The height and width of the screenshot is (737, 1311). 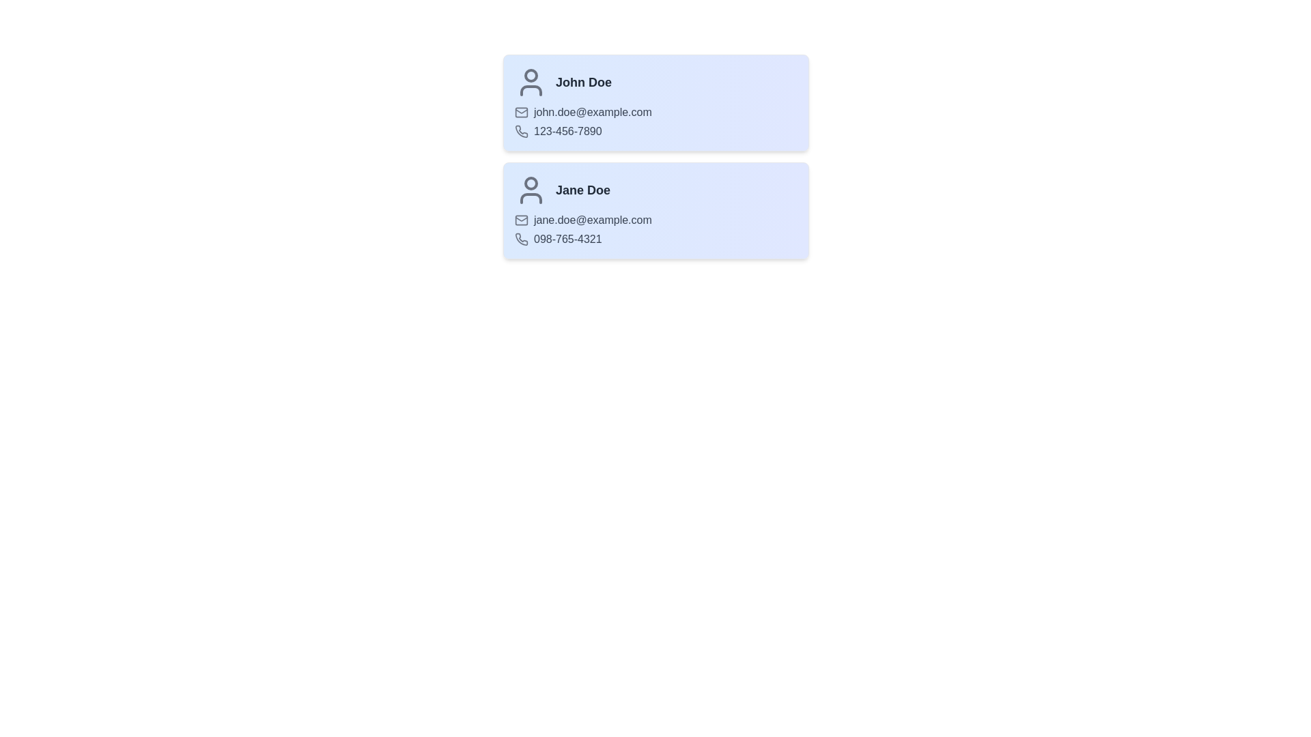 I want to click on the phone icon for John Doe, so click(x=520, y=131).